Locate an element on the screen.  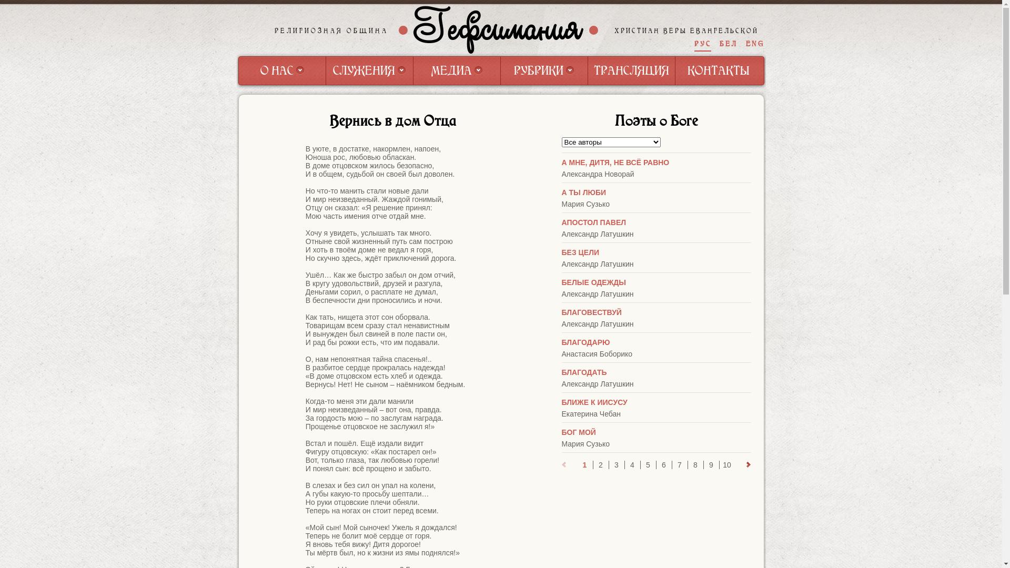
'ENG' is located at coordinates (754, 43).